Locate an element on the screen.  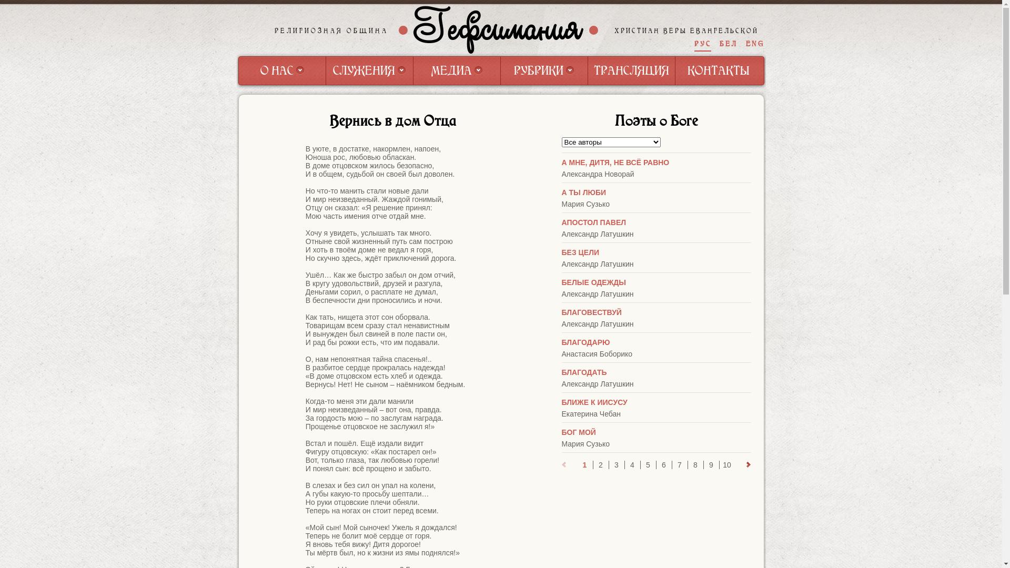
'ENG' is located at coordinates (754, 43).